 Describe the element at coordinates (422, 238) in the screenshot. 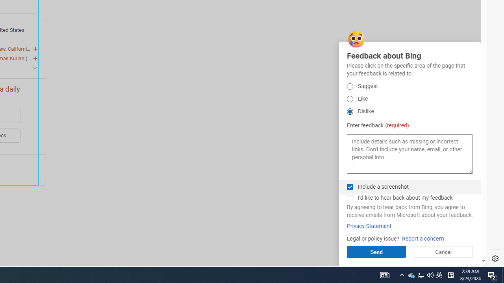

I see `'Report a concern'` at that location.